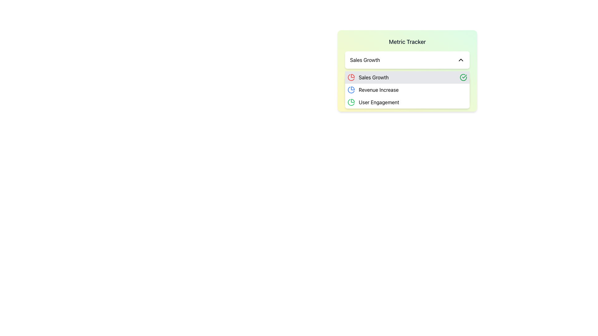 The height and width of the screenshot is (336, 598). I want to click on the collapse icon located to the right of the text 'Sales Growth' in the 'Metric Tracker' card, so click(461, 60).